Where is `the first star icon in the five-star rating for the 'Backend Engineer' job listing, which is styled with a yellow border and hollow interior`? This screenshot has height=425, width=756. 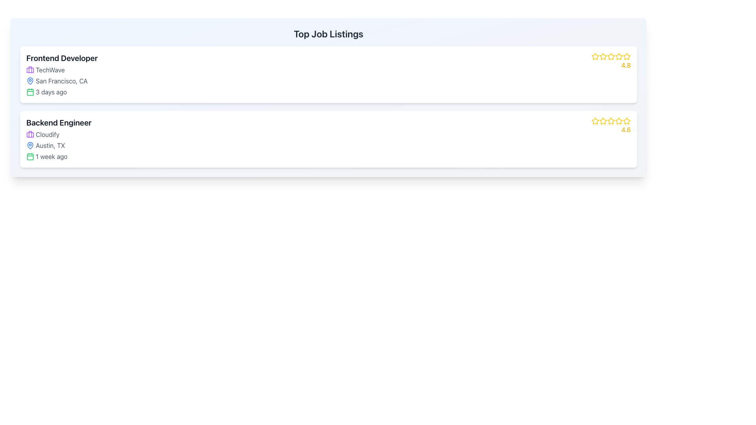 the first star icon in the five-star rating for the 'Backend Engineer' job listing, which is styled with a yellow border and hollow interior is located at coordinates (595, 121).